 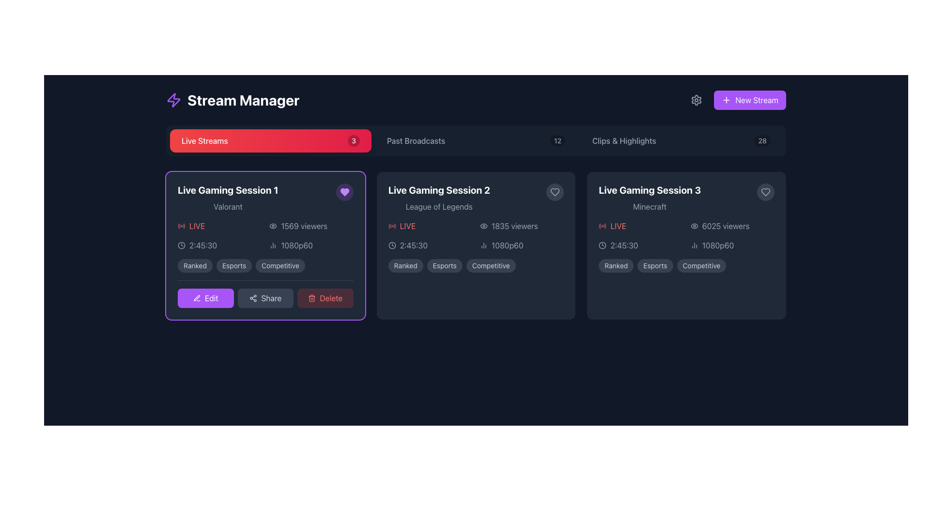 I want to click on the share icon located within the 'Share' button of the 'Live Gaming Session 1' panel, which is positioned in the bottom row of controls, so click(x=253, y=298).